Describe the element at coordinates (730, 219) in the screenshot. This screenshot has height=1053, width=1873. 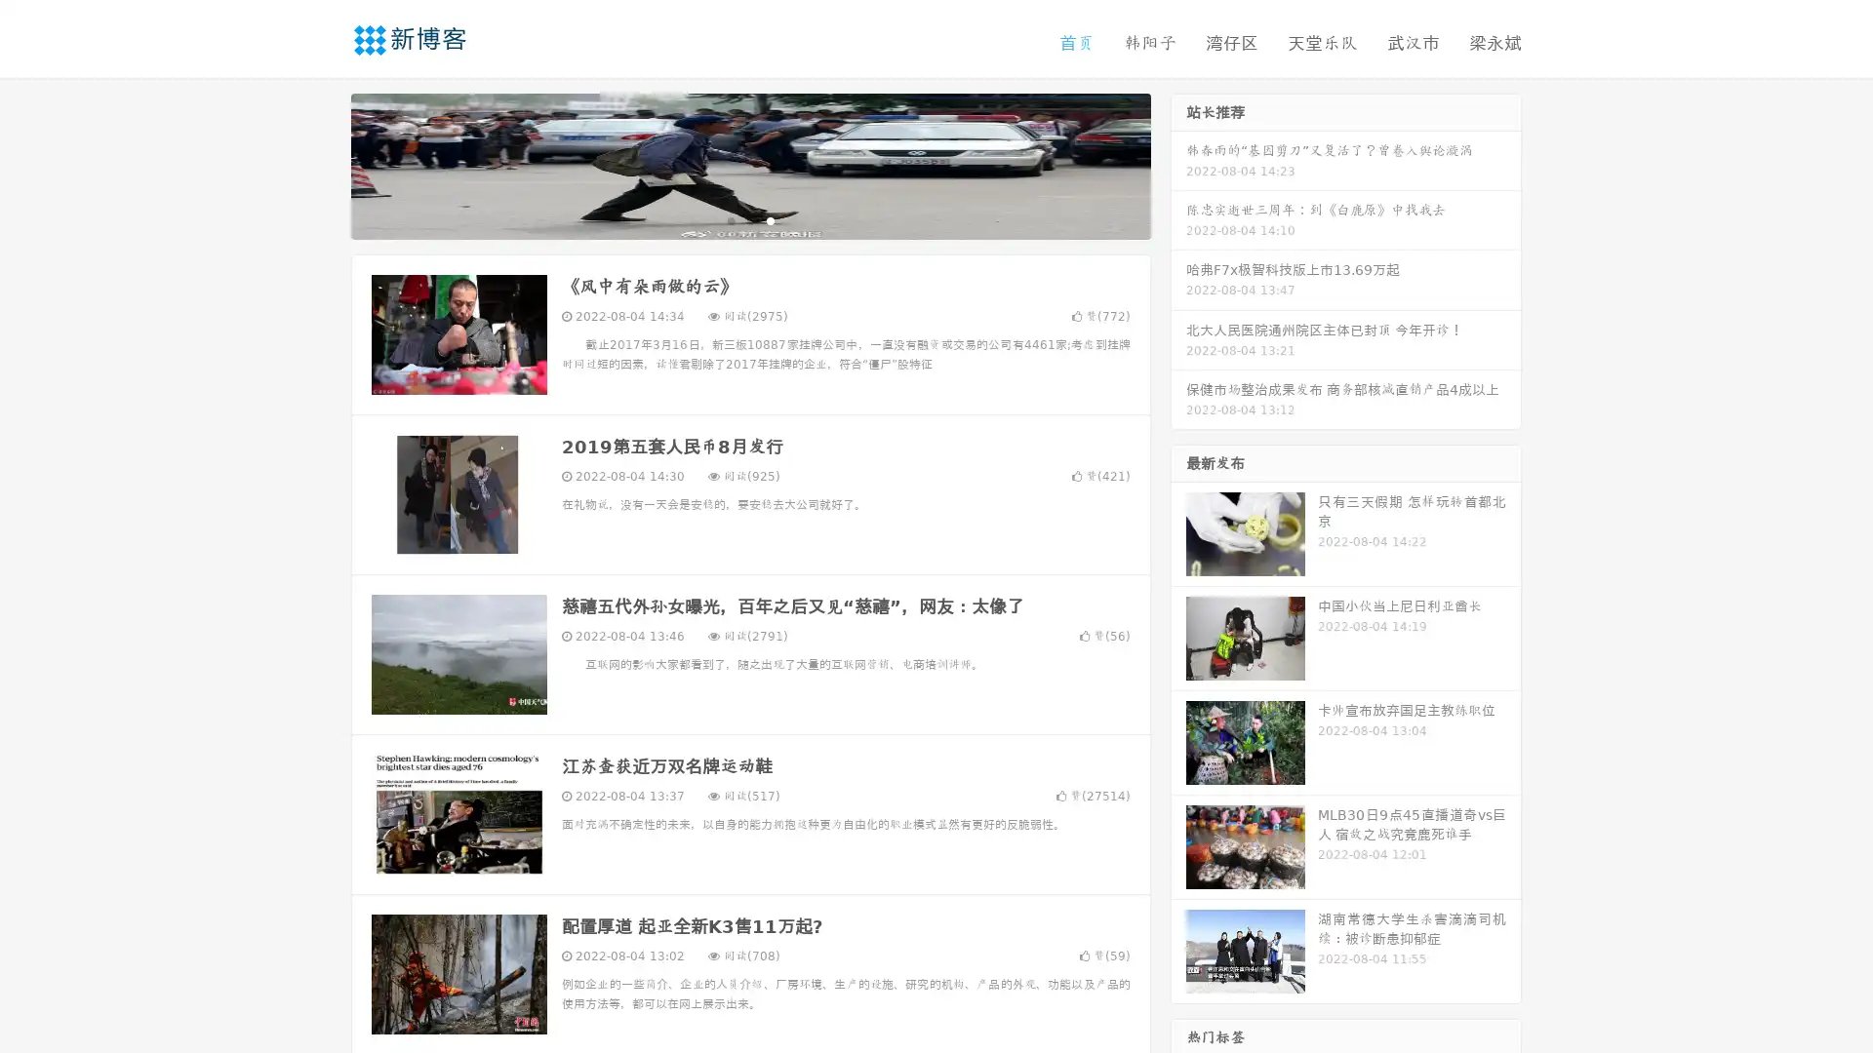
I see `Go to slide 1` at that location.